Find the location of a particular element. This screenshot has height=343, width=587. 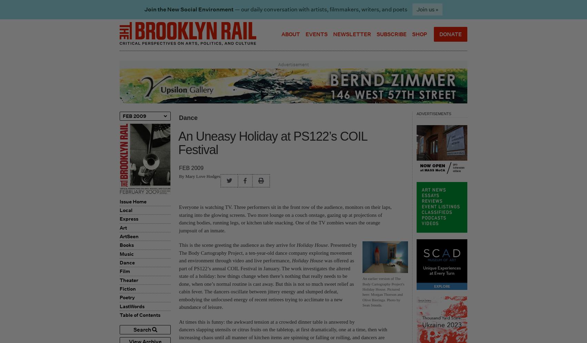

'Subscribe' is located at coordinates (391, 34).